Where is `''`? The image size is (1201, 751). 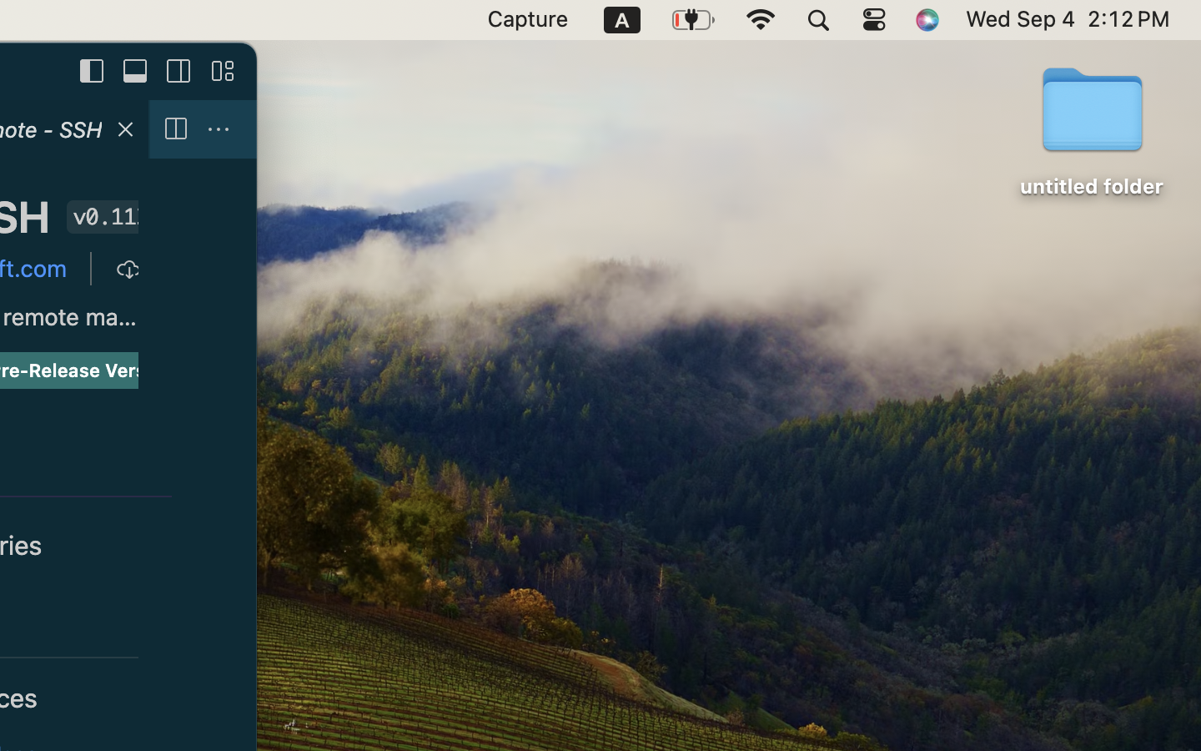
'' is located at coordinates (135, 71).